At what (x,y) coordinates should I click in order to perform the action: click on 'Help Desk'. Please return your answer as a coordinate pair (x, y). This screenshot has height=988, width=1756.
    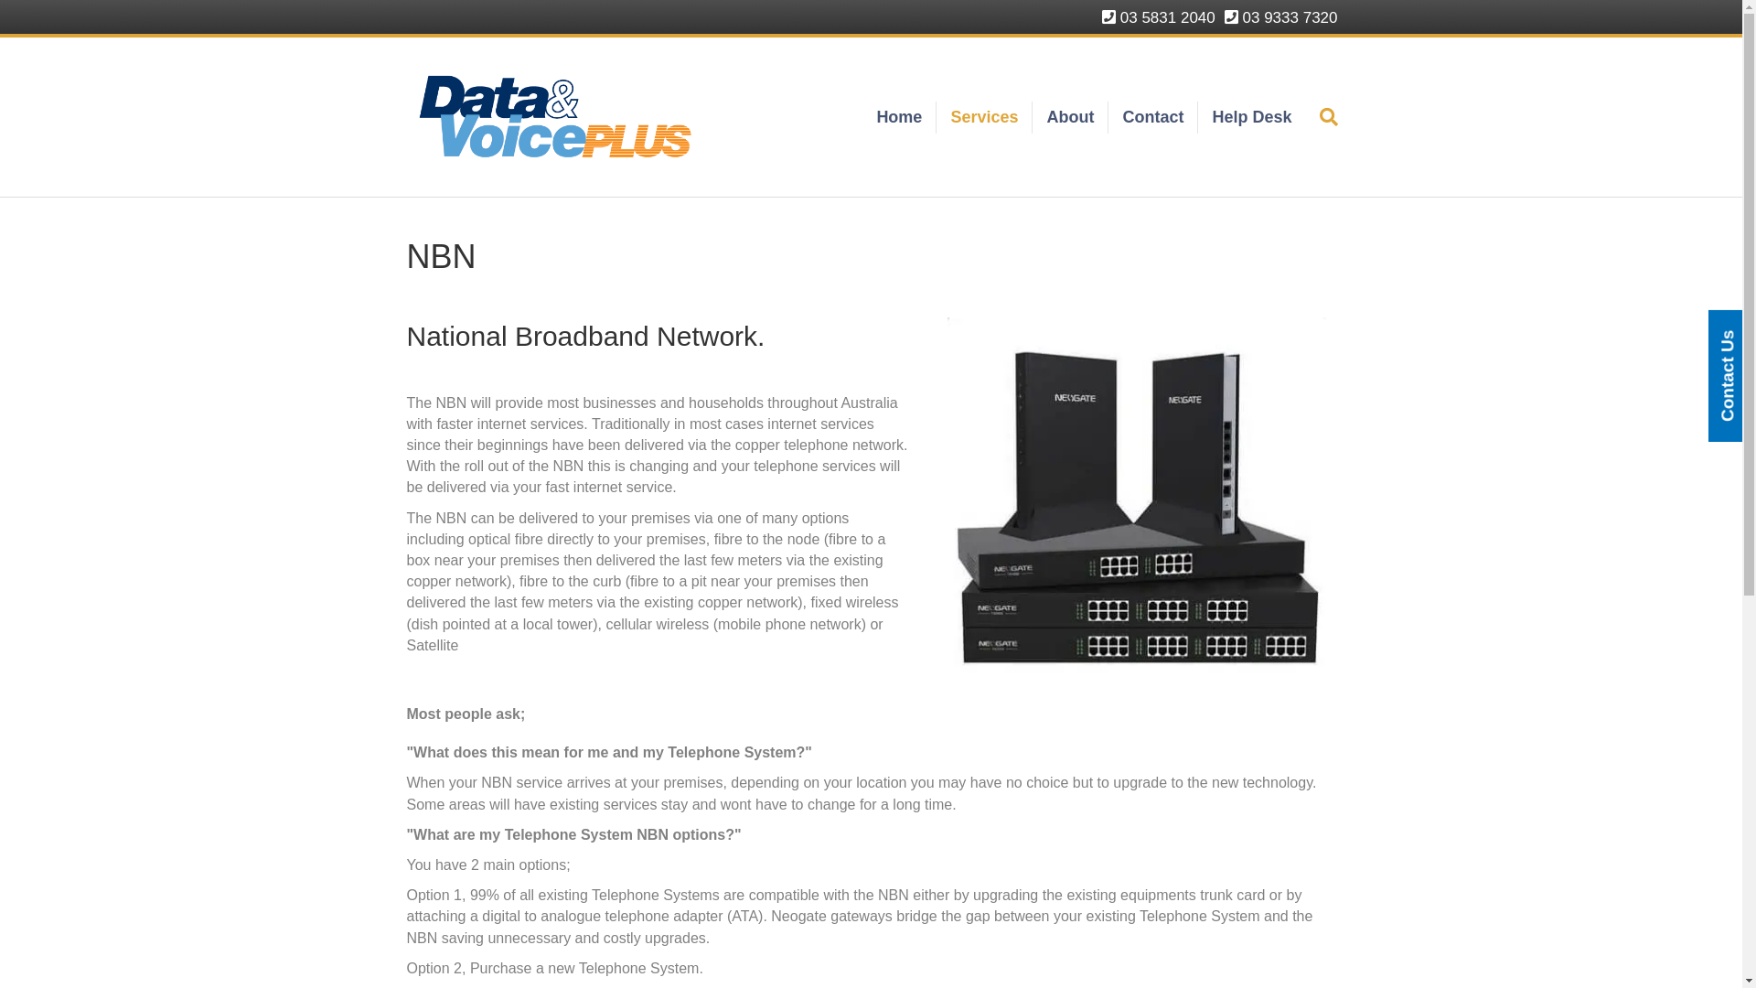
    Looking at the image, I should click on (1198, 117).